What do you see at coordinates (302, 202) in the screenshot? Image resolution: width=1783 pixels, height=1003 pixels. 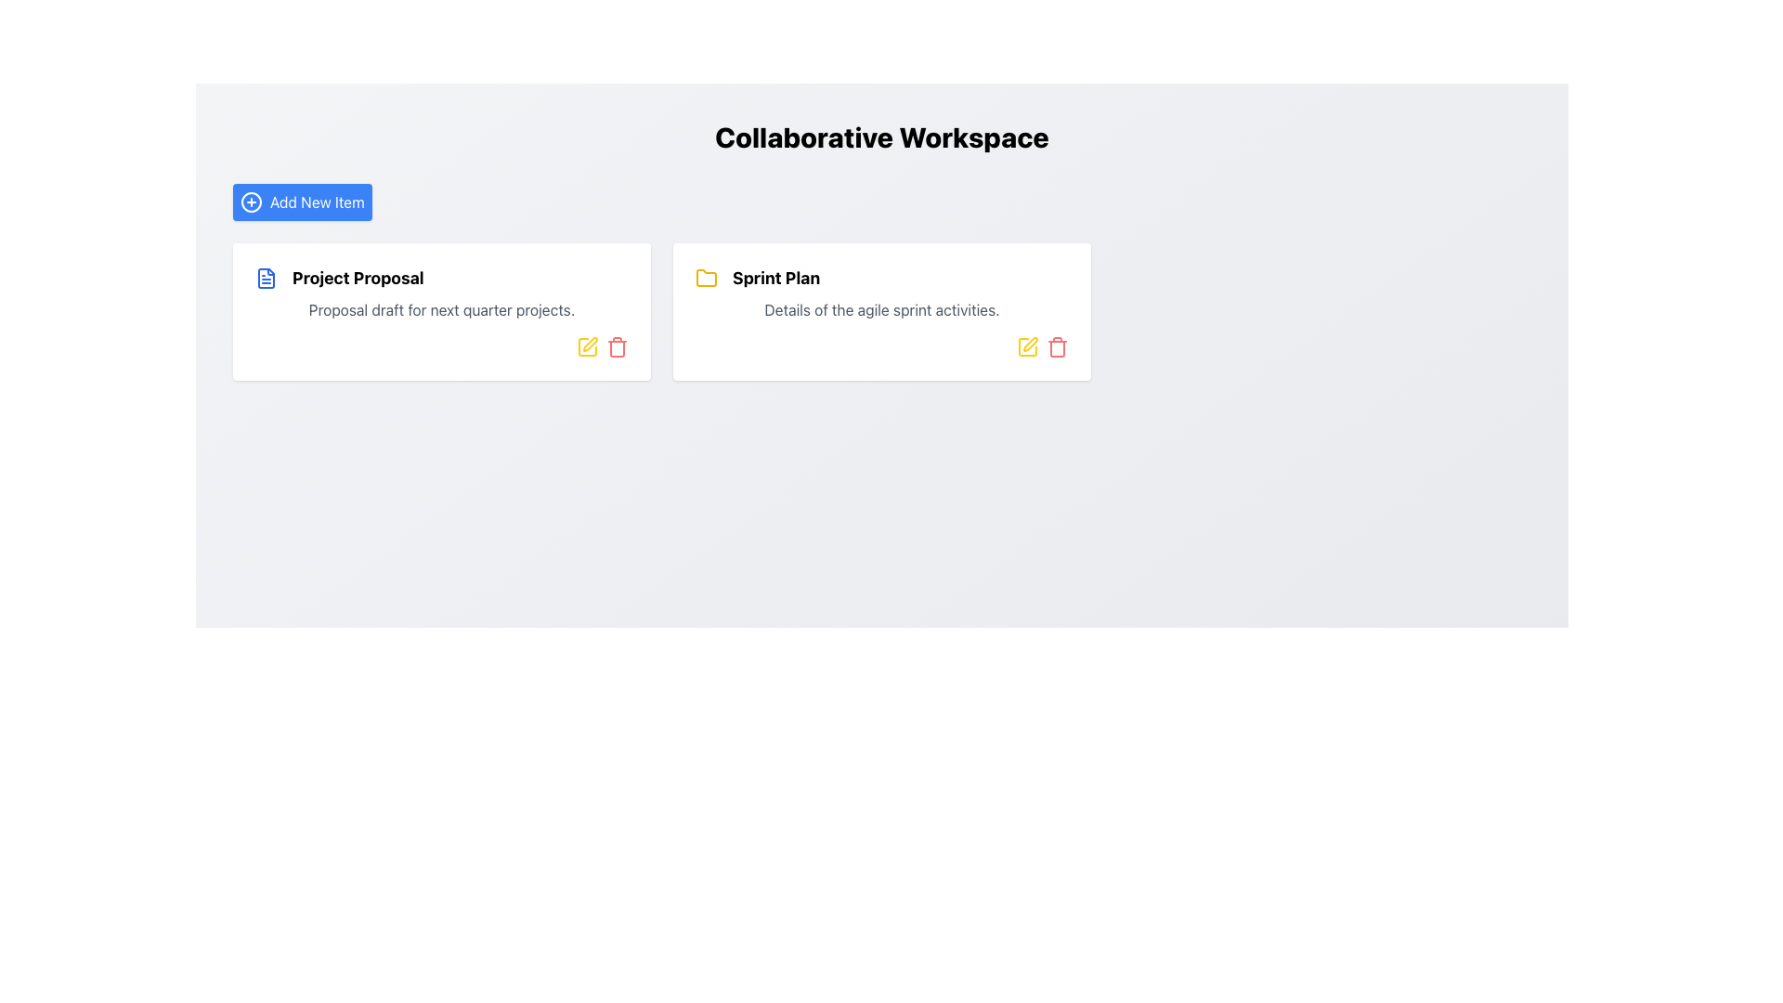 I see `the button that allows users to add new items to the workspace, located beneath the text 'Collaborative Workspace' and above the grid layout of cards` at bounding box center [302, 202].